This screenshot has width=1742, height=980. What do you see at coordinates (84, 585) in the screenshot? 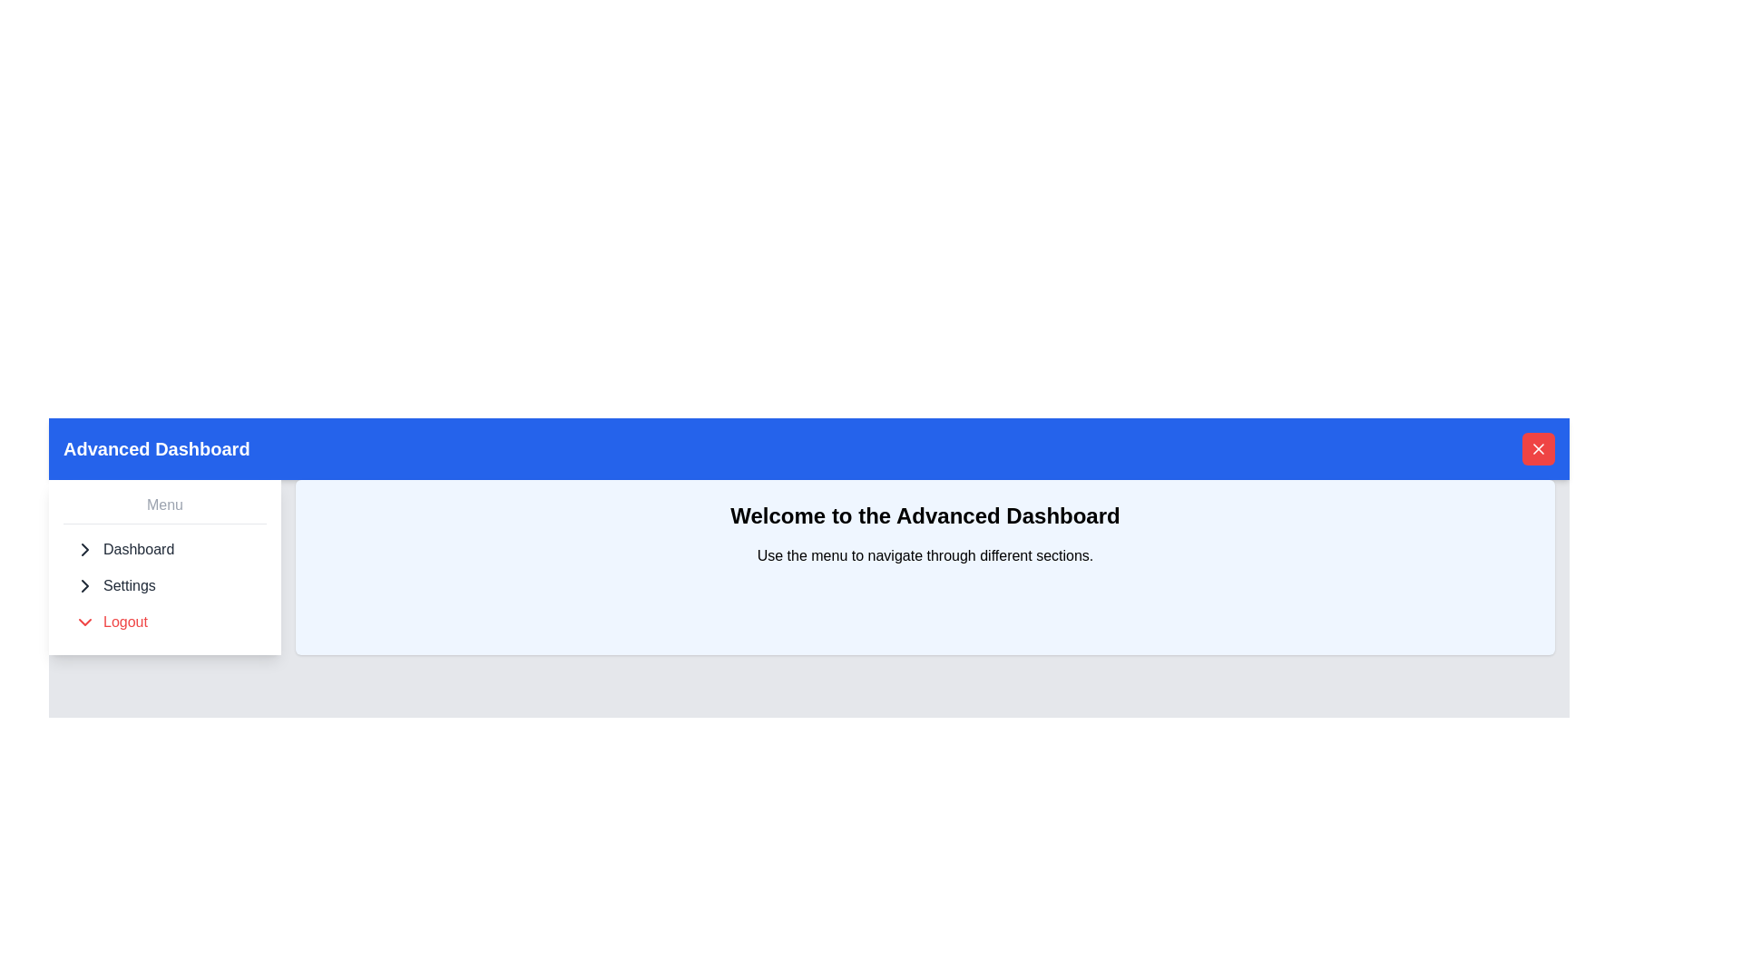
I see `the right-pointing chevron icon located in the sidebar under the 'Menu' label` at bounding box center [84, 585].